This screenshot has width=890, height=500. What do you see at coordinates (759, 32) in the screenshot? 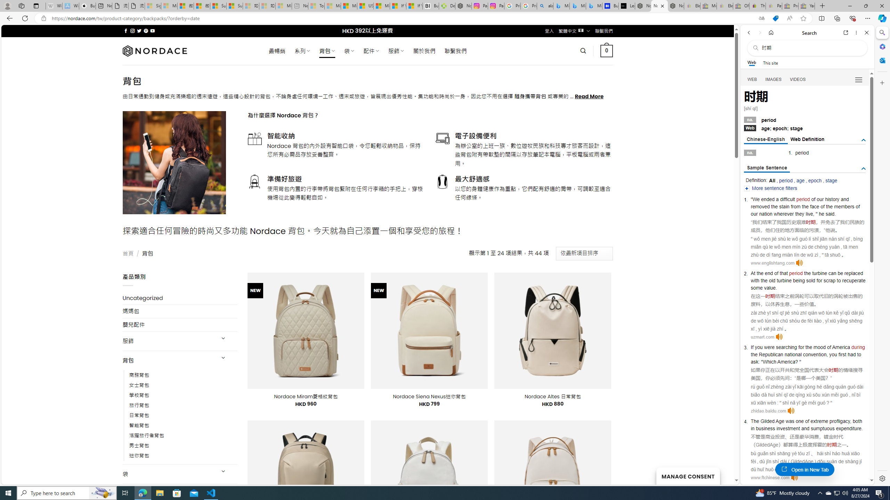
I see `'Forward'` at bounding box center [759, 32].